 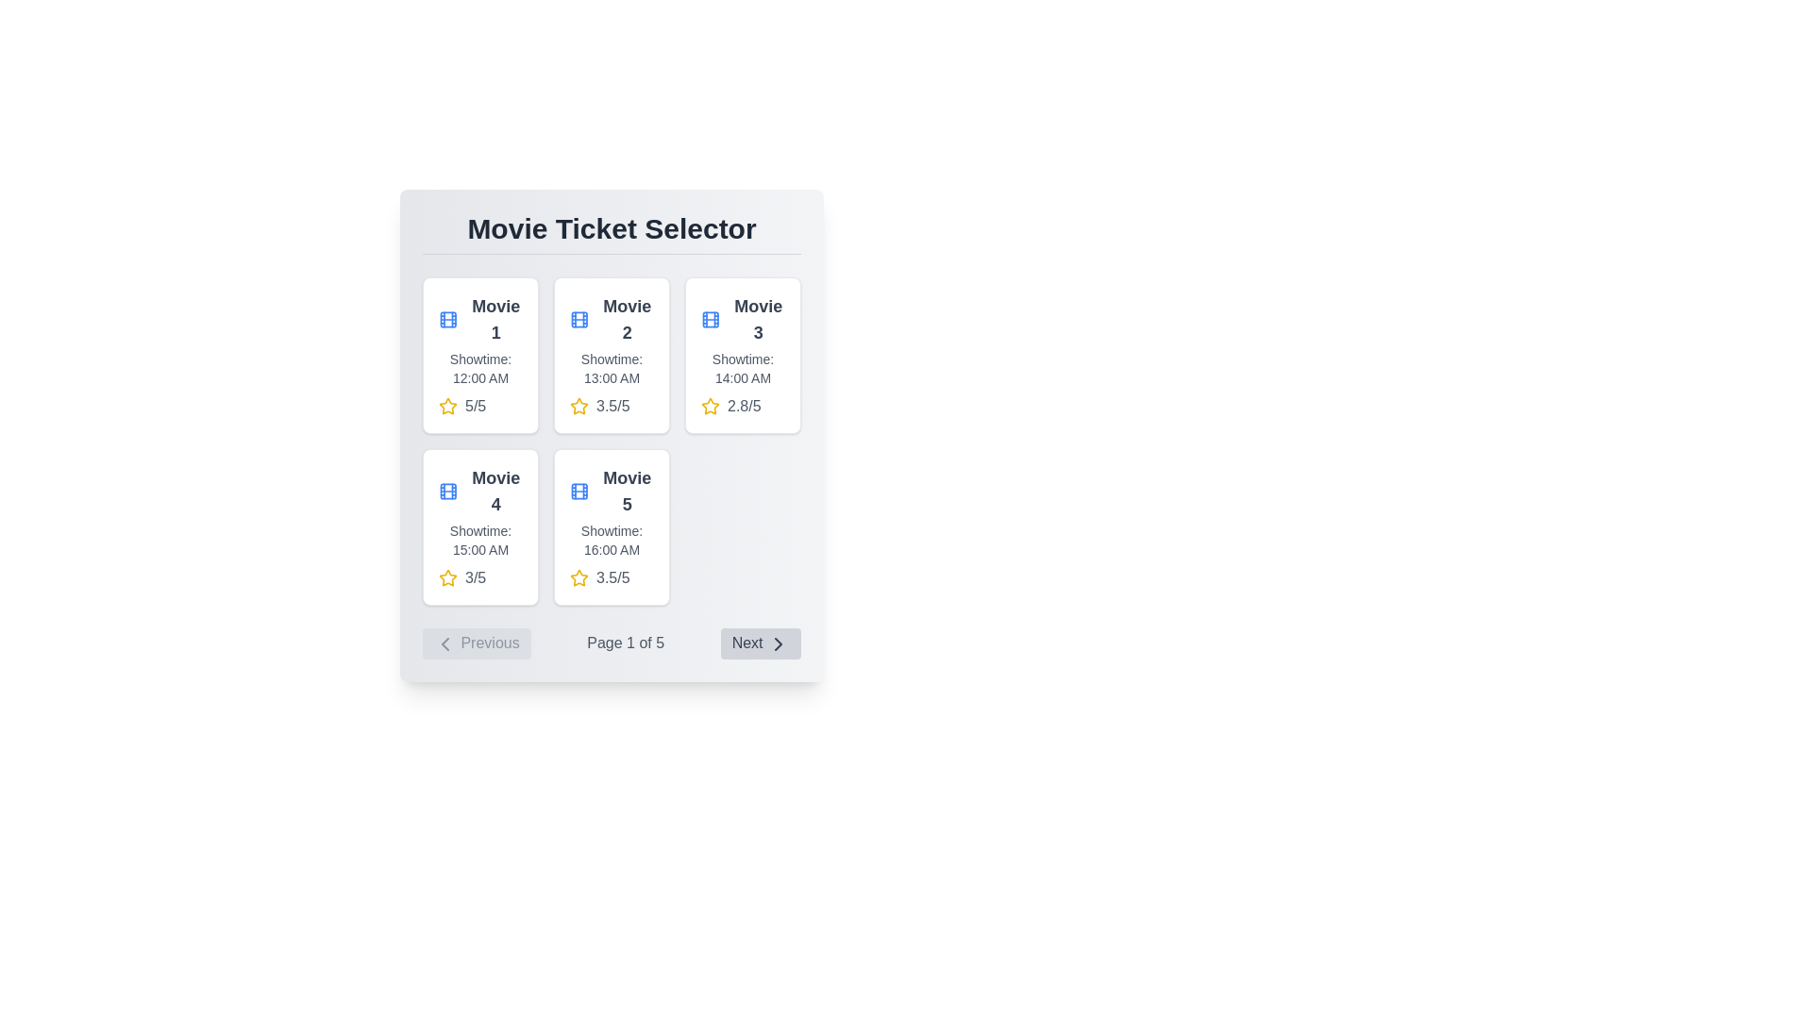 What do you see at coordinates (579, 319) in the screenshot?
I see `the film reel icon located at the top-left corner of the 'Movie 1' card in the 'Movie Ticket Selector' panel` at bounding box center [579, 319].